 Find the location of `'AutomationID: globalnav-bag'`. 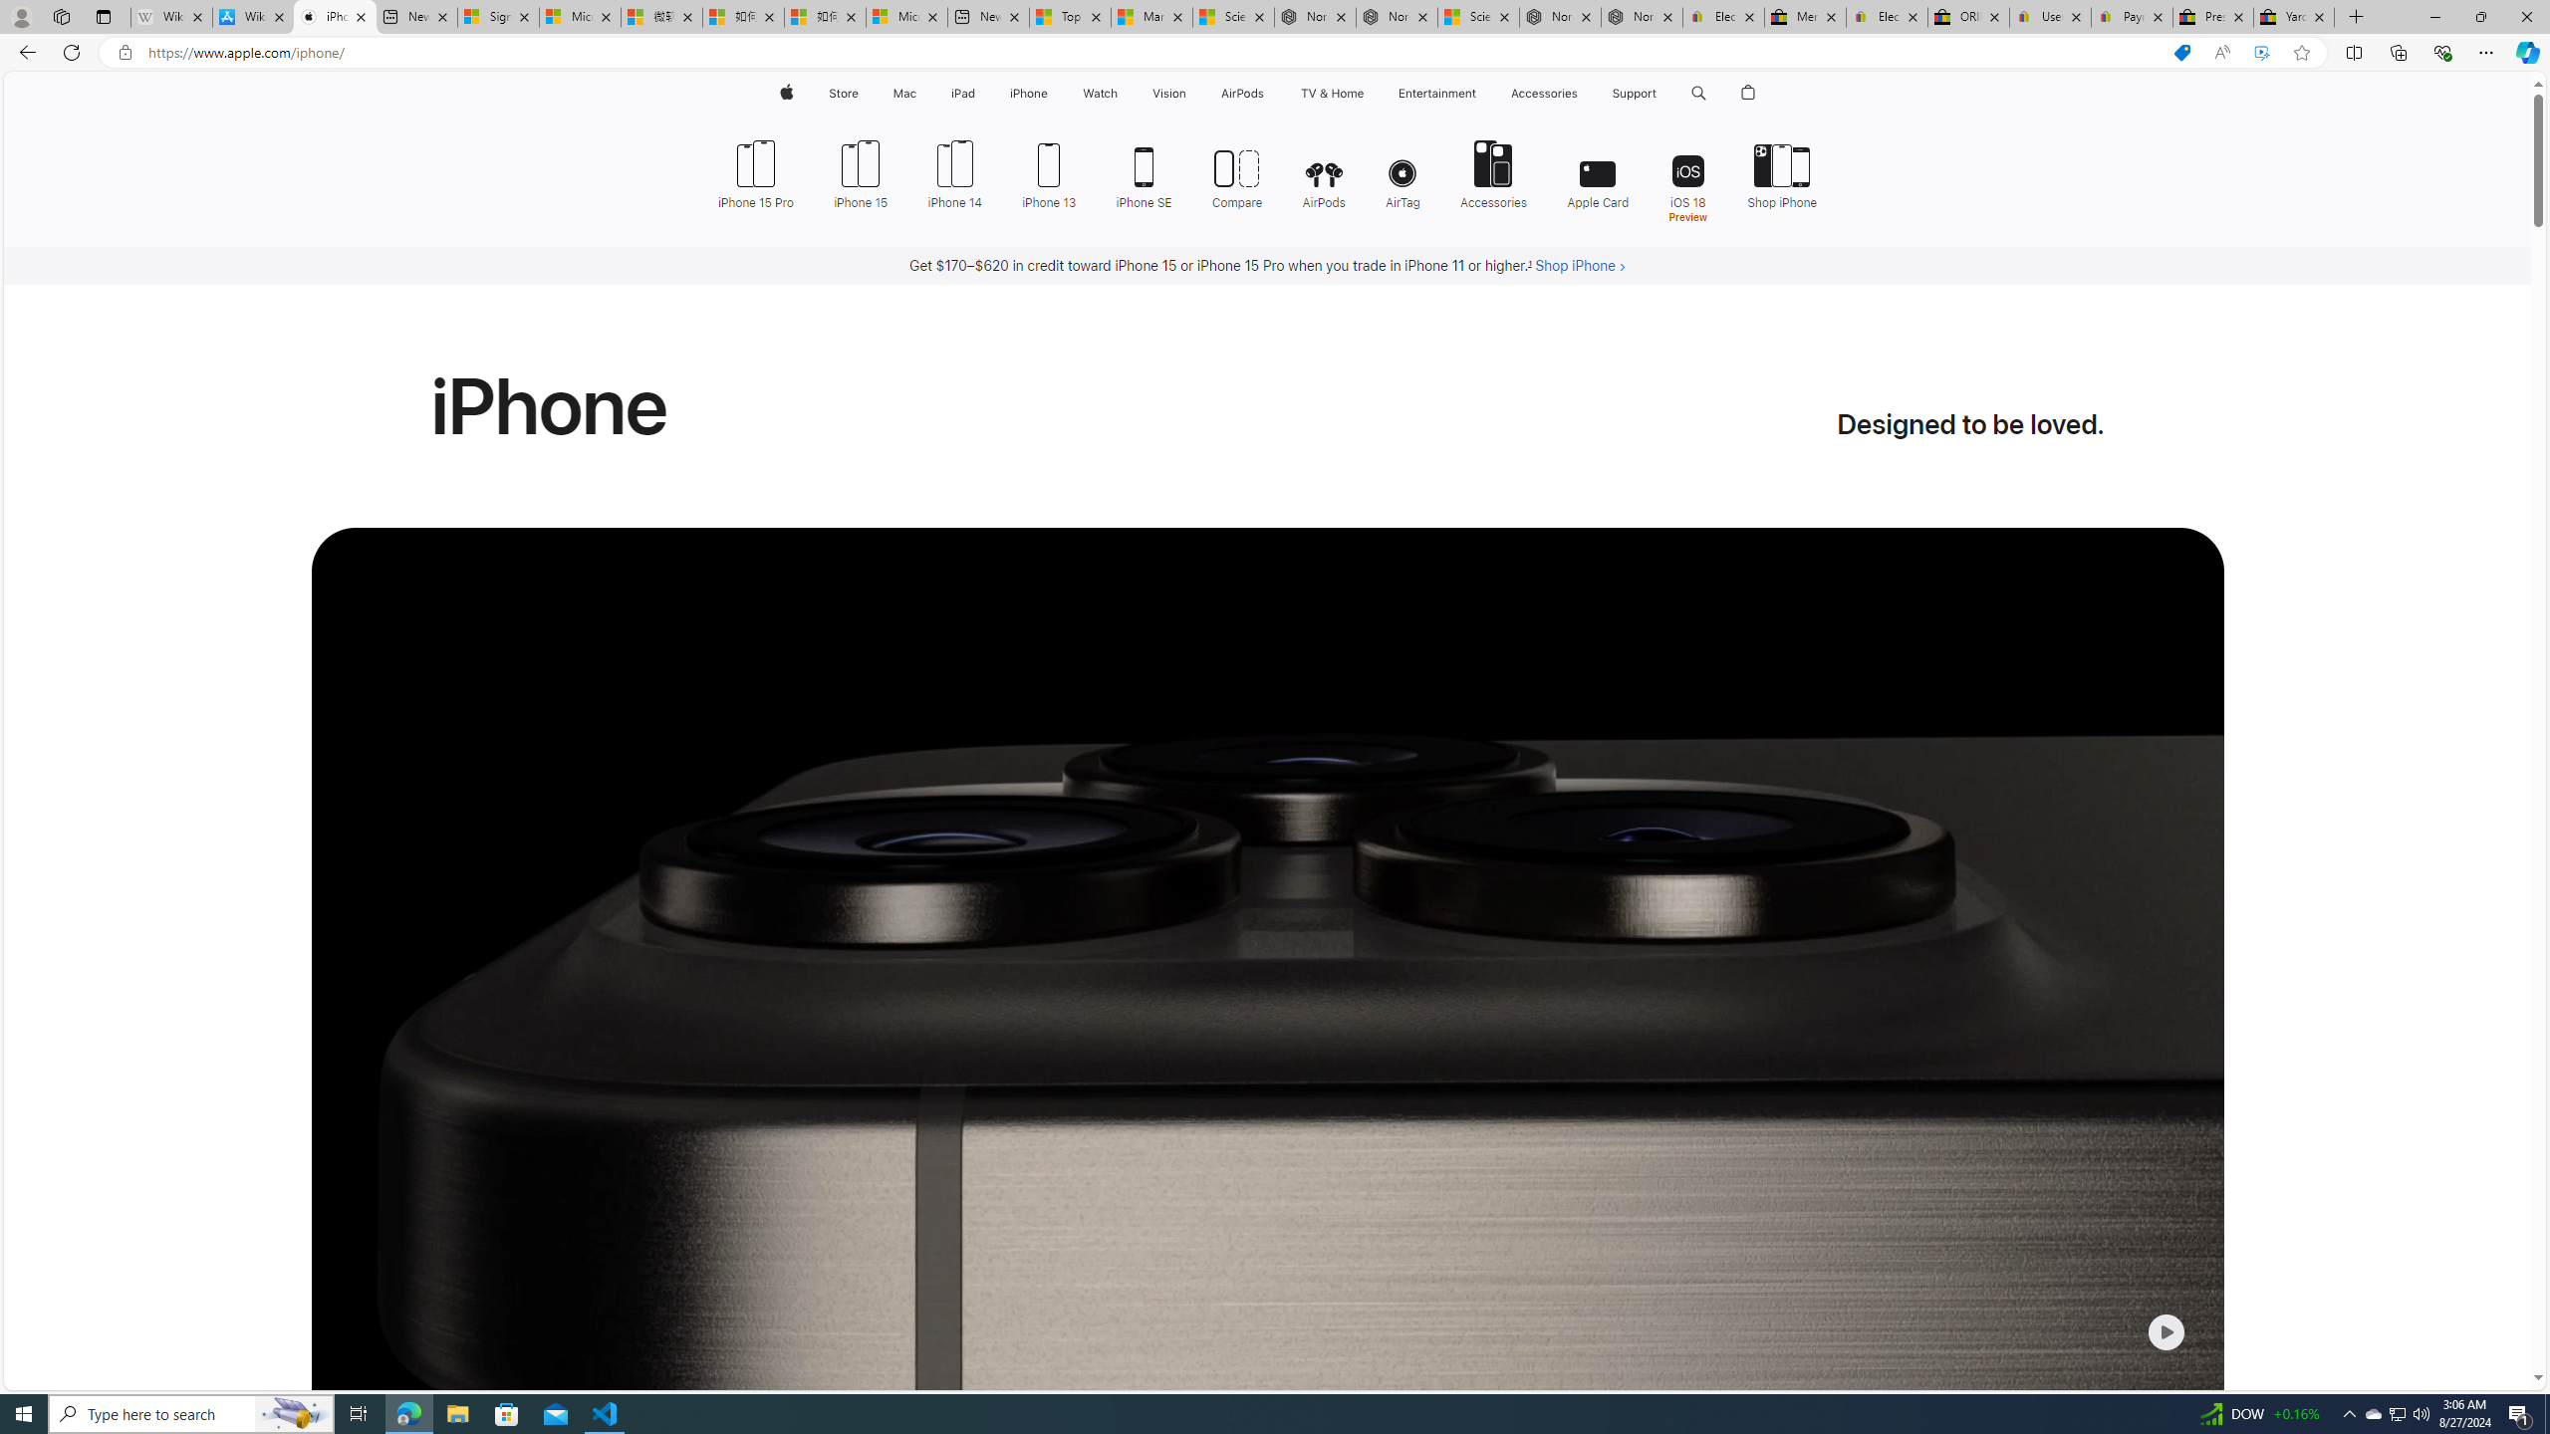

'AutomationID: globalnav-bag' is located at coordinates (1749, 93).